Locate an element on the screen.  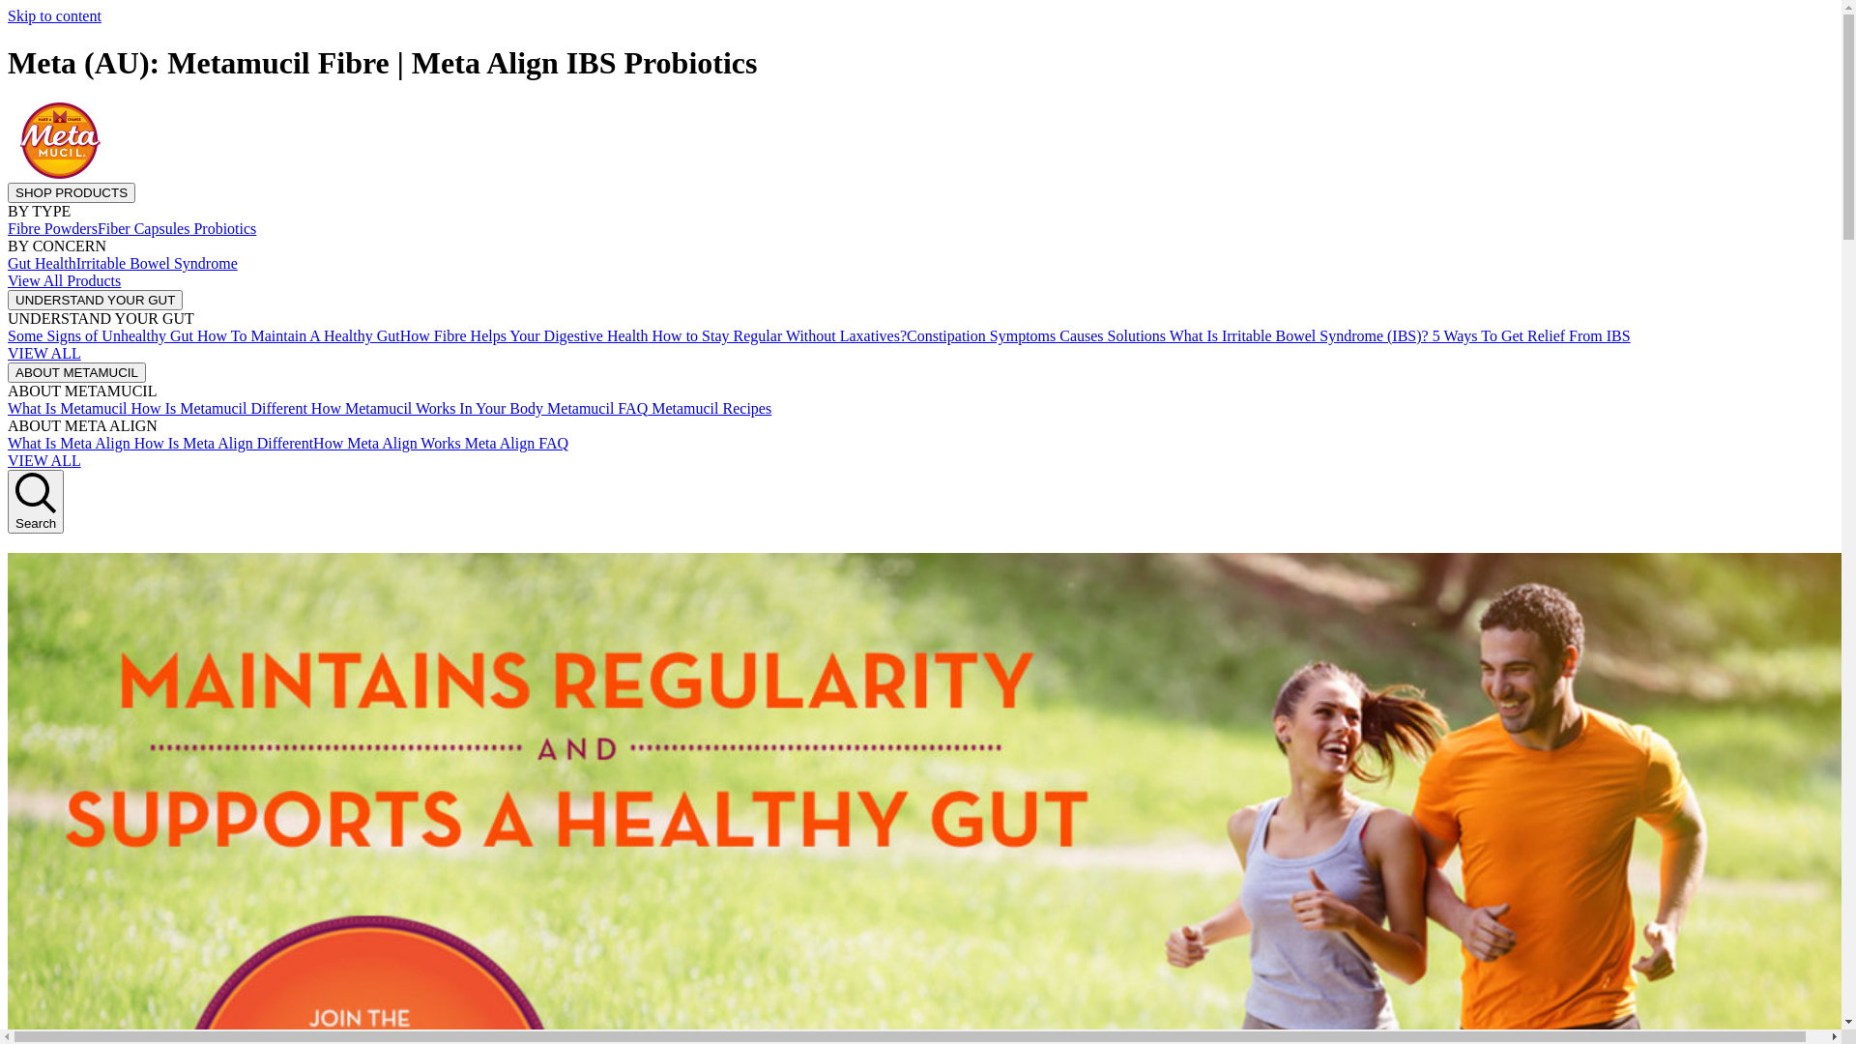
'UNDERSTAND YOUR GUT' is located at coordinates (8, 300).